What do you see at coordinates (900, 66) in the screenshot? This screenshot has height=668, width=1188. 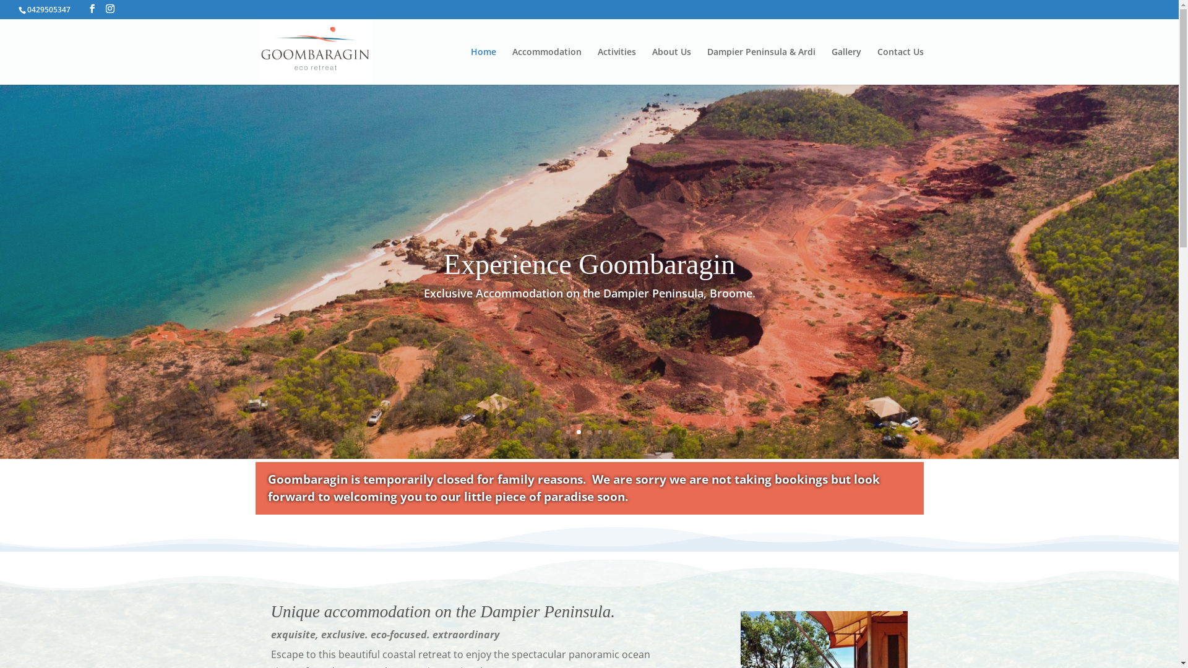 I see `'Contact Us'` at bounding box center [900, 66].